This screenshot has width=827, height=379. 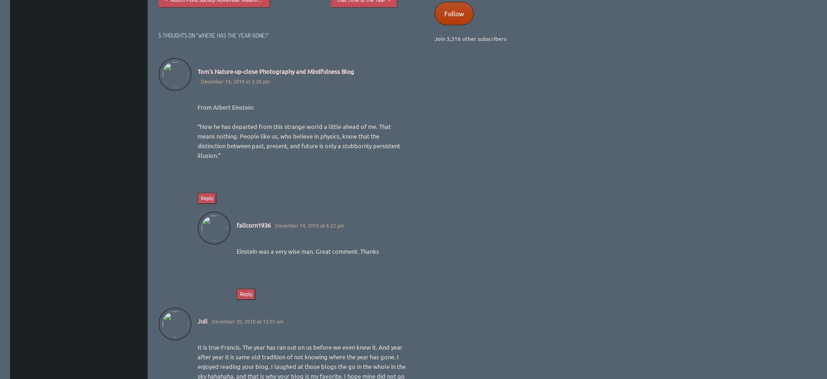 What do you see at coordinates (470, 38) in the screenshot?
I see `'Join 3,316 other subscribers'` at bounding box center [470, 38].